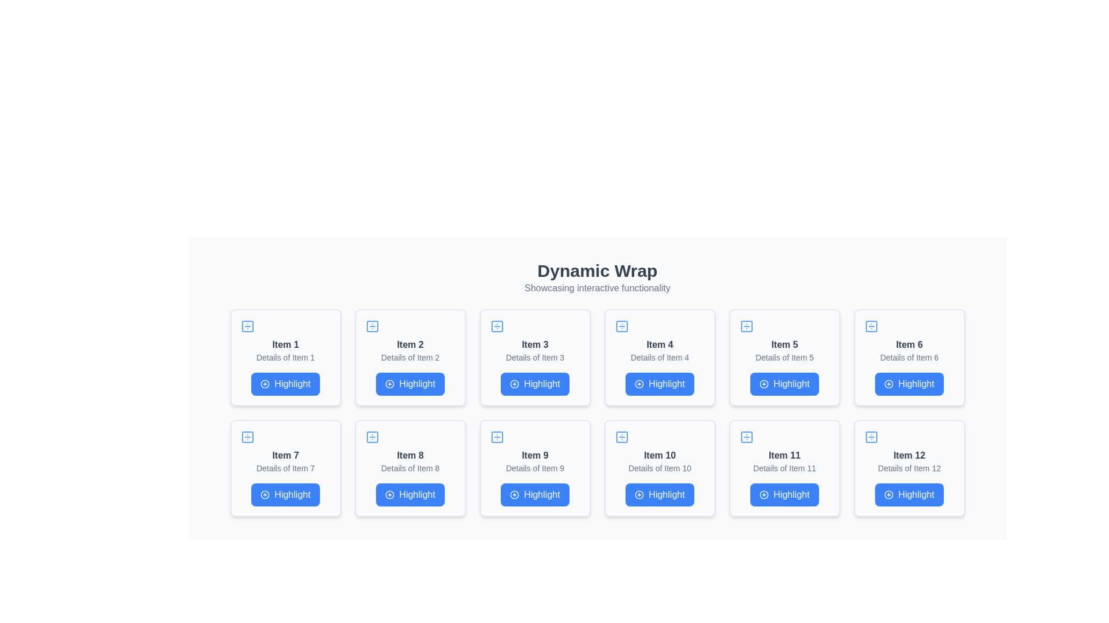 The image size is (1109, 623). Describe the element at coordinates (660, 357) in the screenshot. I see `the text label displaying 'Details of Item 4', which is positioned below the title 'Item 4' and above the blue 'Highlight' button` at that location.